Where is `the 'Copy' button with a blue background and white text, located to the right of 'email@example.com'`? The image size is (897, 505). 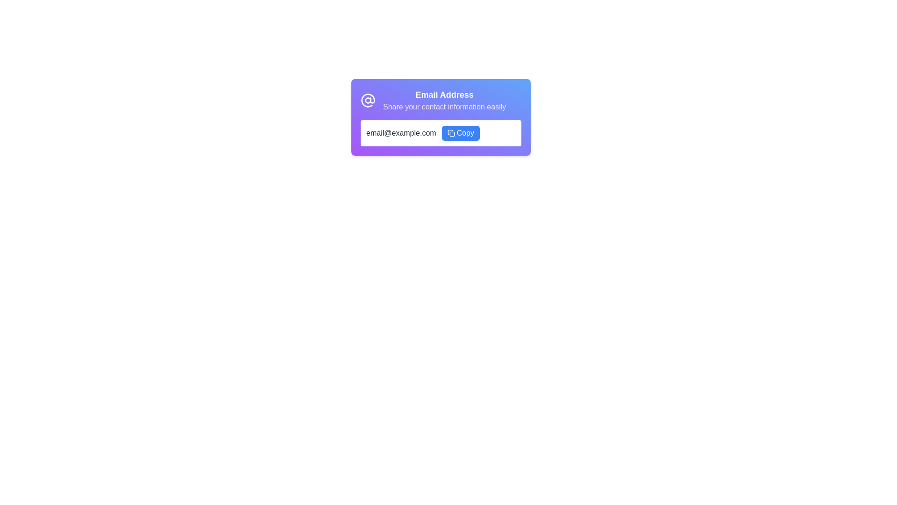
the 'Copy' button with a blue background and white text, located to the right of 'email@example.com' is located at coordinates (461, 133).